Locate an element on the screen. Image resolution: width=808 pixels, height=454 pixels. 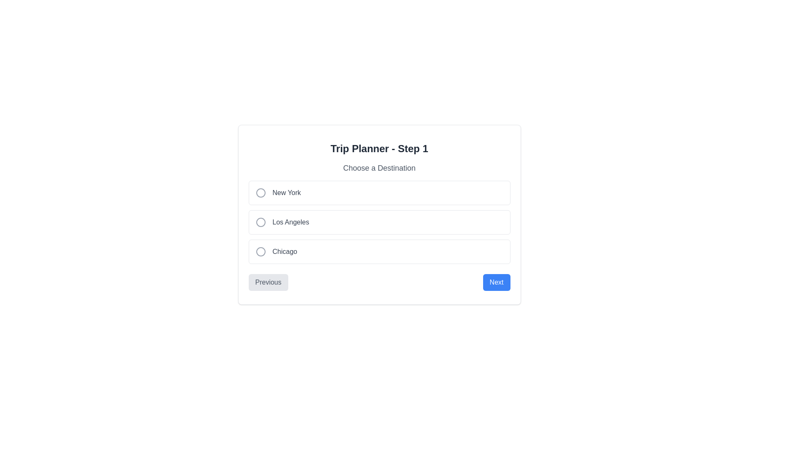
the 'New York' text label, which is displayed in a medium-sized gray font and is the first selectable option in the 'Choose a Destination' section, positioned to the right of a circular icon is located at coordinates (287, 193).